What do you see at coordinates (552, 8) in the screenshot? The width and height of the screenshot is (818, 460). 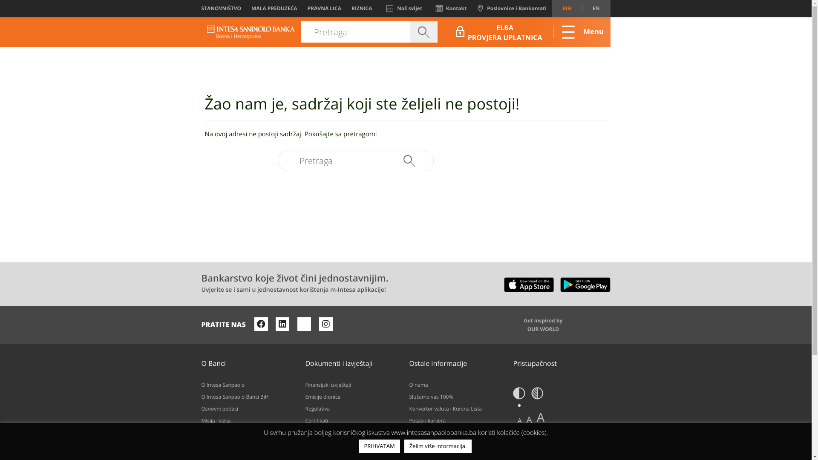 I see `'BIH'` at bounding box center [552, 8].